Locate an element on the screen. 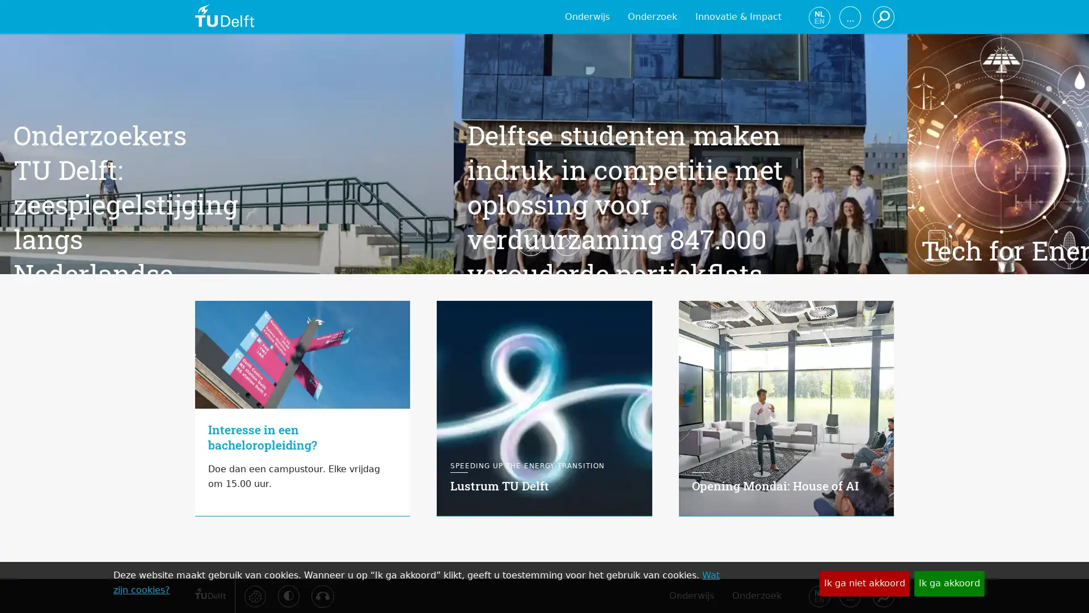 This screenshot has width=1089, height=613. Ga naar vorig item is located at coordinates (176, 306).